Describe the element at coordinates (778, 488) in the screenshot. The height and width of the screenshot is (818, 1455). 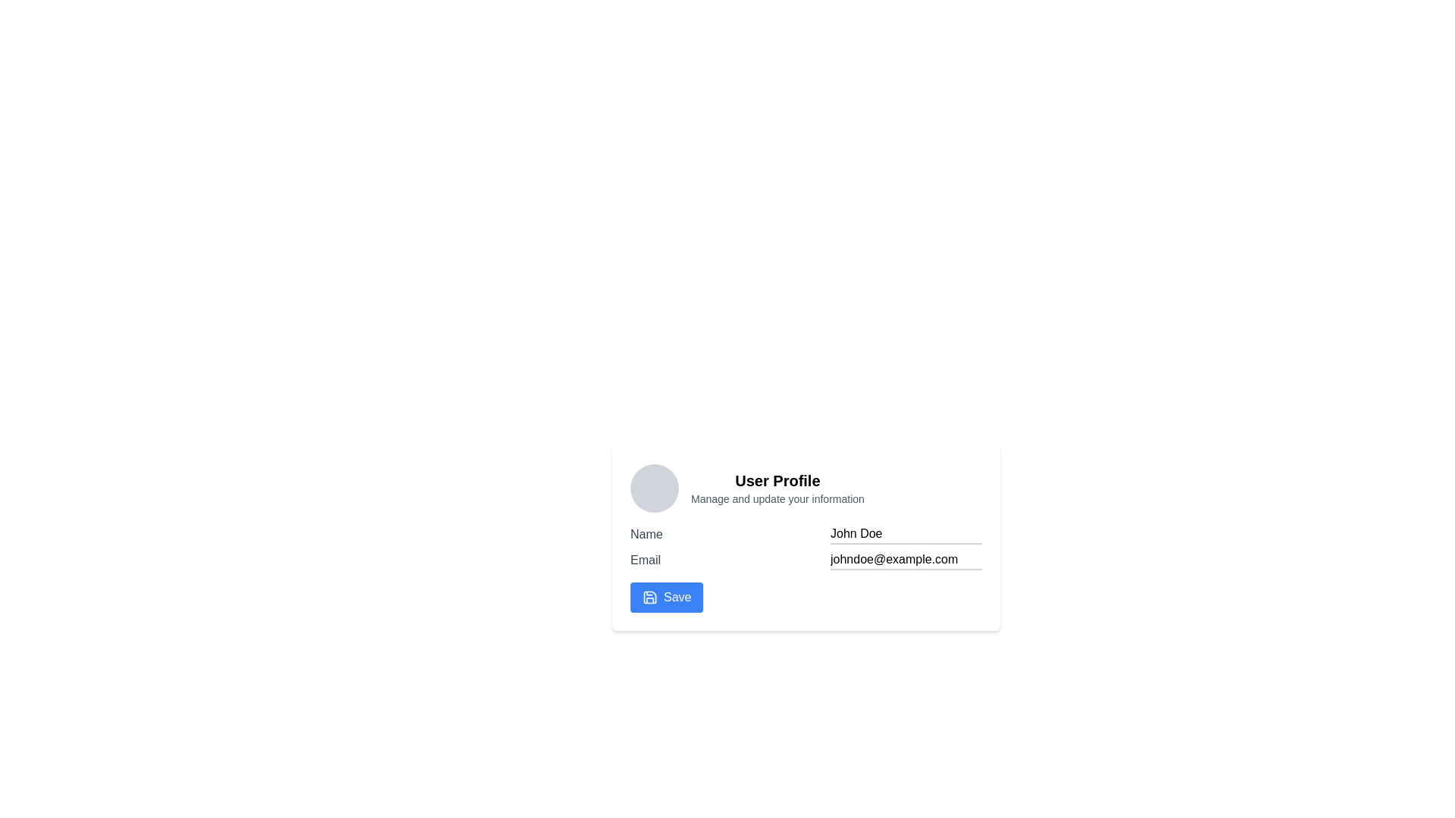
I see `the Header with subtitle that contains the bold title 'User Profile' and the subtitle 'Manage and update your information'` at that location.